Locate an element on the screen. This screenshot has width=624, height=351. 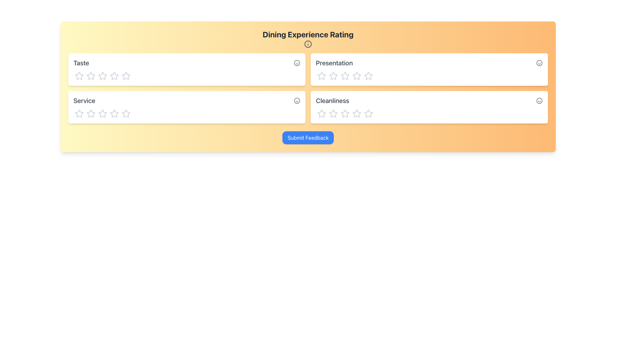
the second star-shaped icon in the 'Cleanliness' rating section, which has a hollow outline and is part of a group of five horizontally aligned stars is located at coordinates (344, 113).